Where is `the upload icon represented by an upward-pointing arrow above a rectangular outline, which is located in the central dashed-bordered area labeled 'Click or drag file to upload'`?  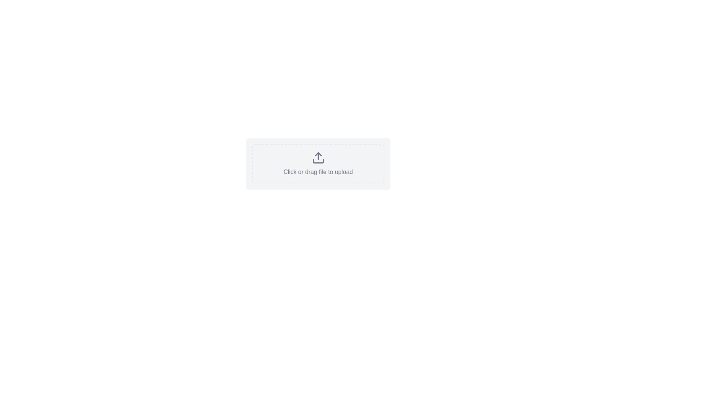 the upload icon represented by an upward-pointing arrow above a rectangular outline, which is located in the central dashed-bordered area labeled 'Click or drag file to upload' is located at coordinates (318, 157).